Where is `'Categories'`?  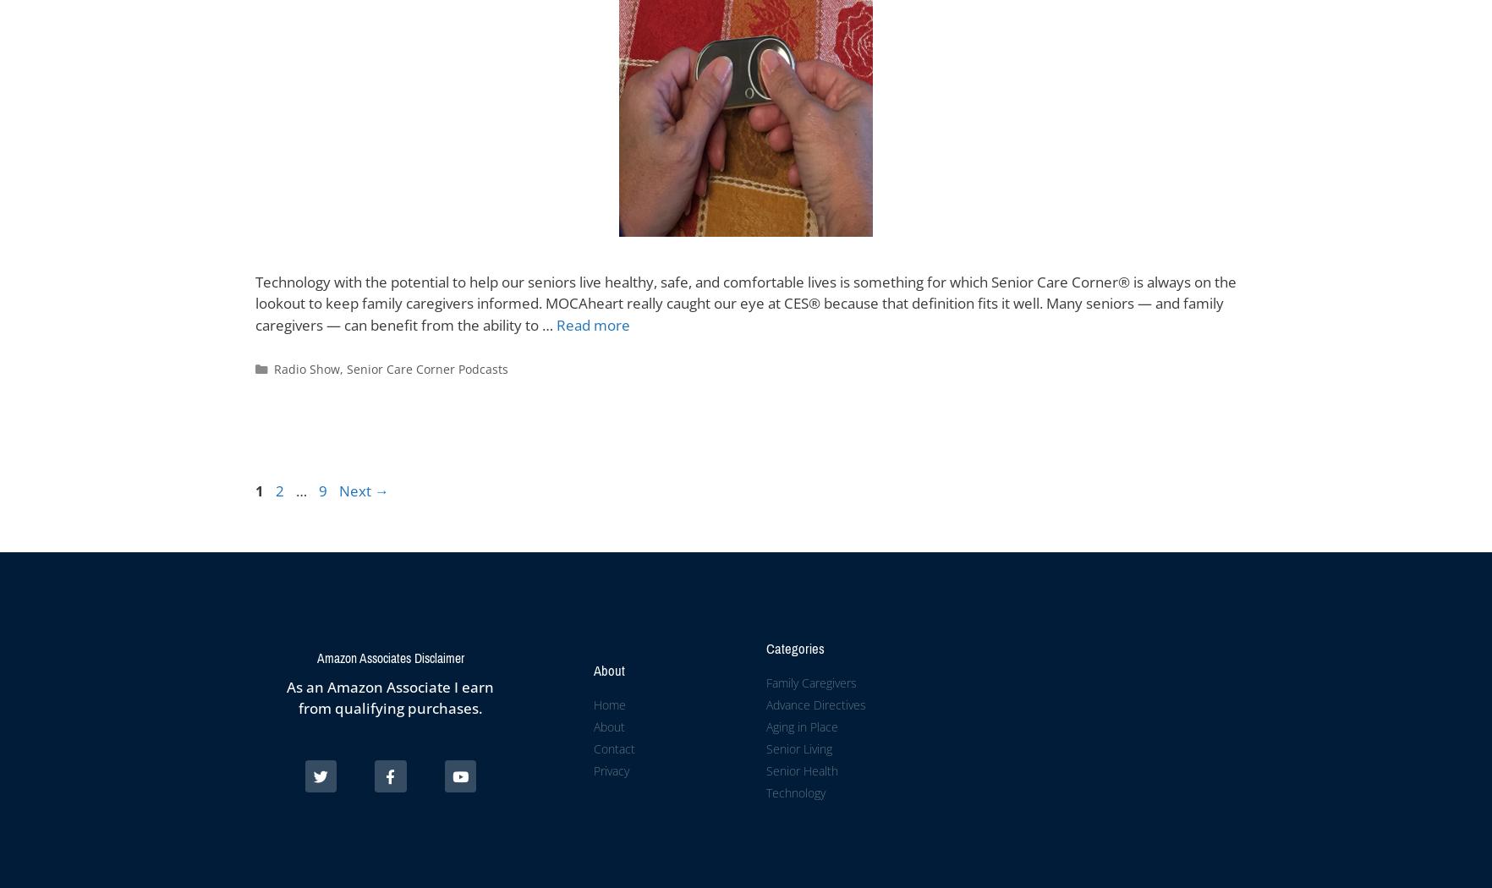
'Categories' is located at coordinates (794, 648).